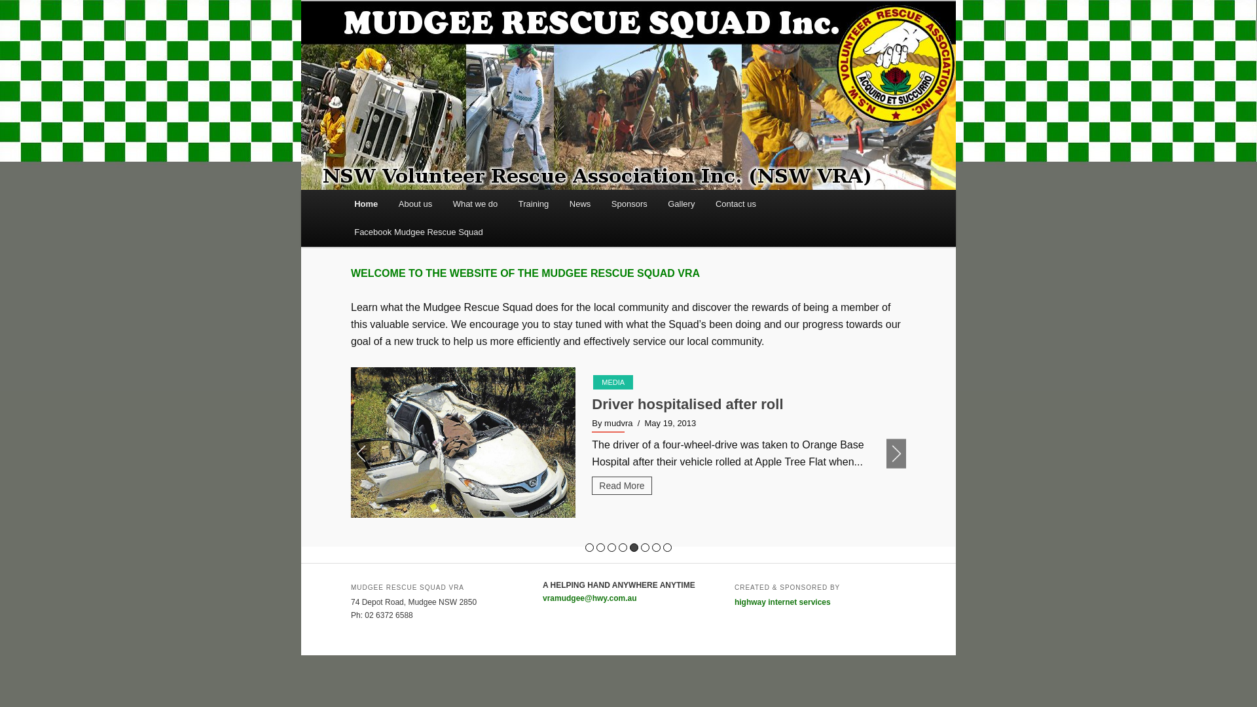 The width and height of the screenshot is (1257, 707). I want to click on 'Facebook Mudgee Rescue Squad', so click(343, 231).